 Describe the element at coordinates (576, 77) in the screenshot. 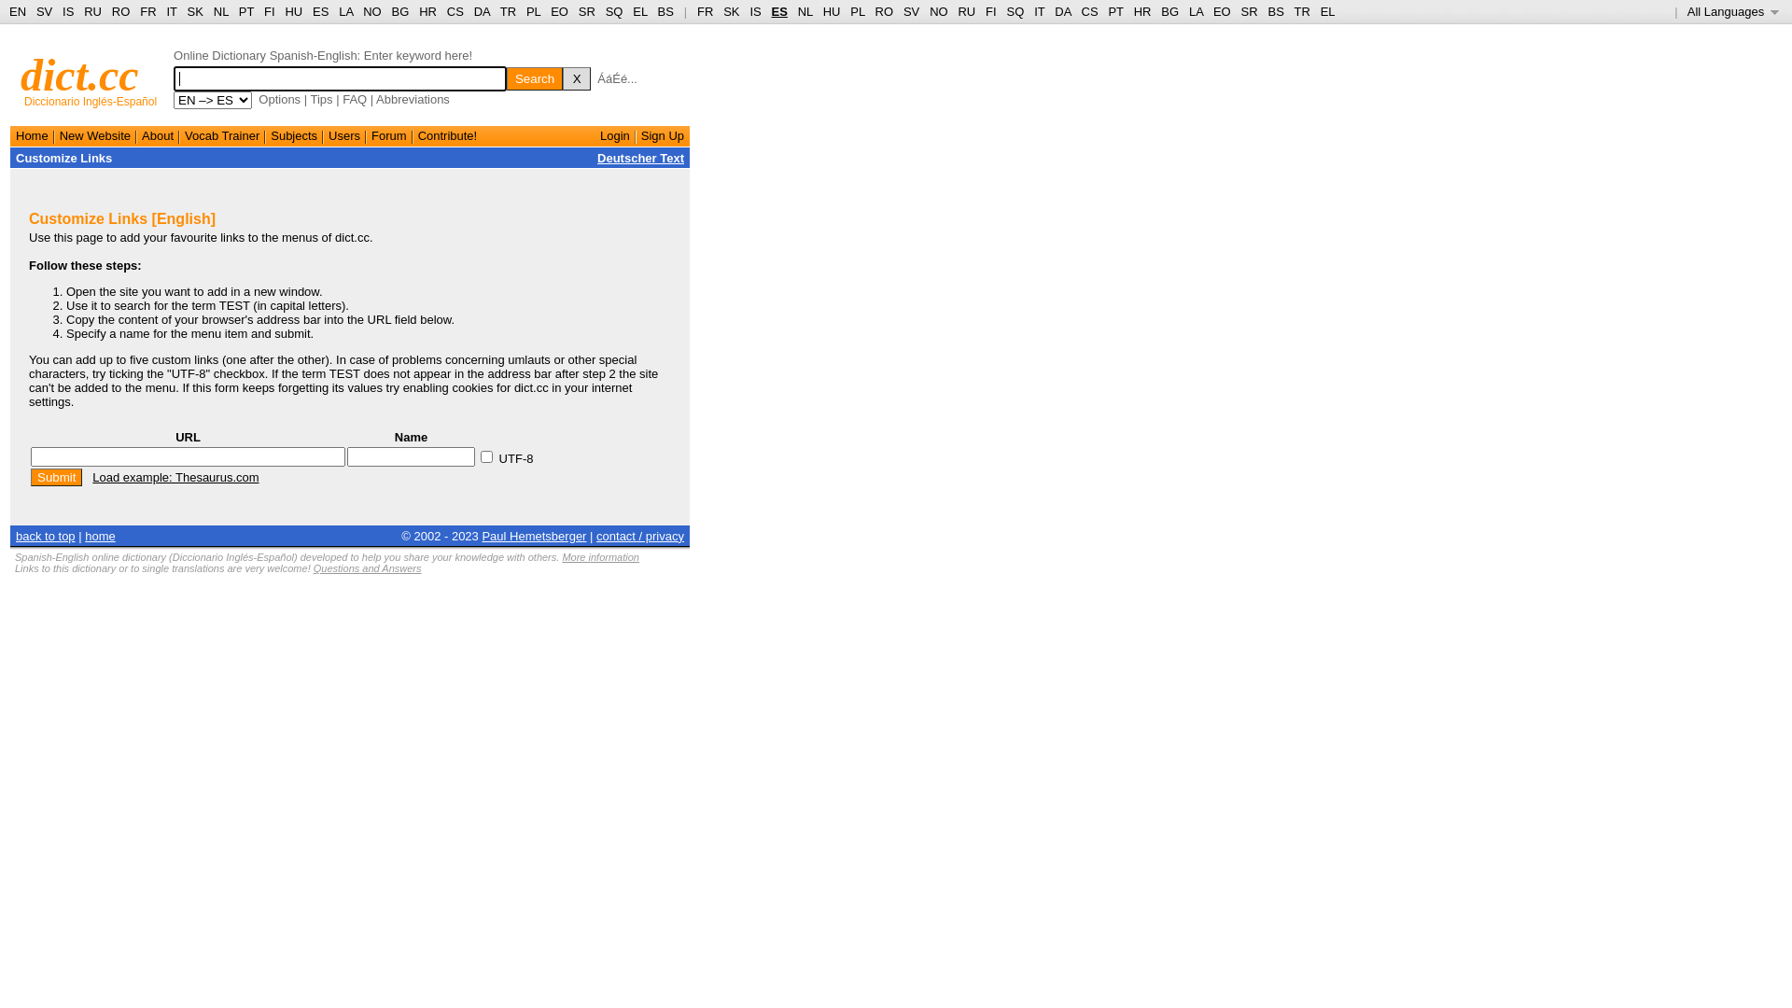

I see `'X'` at that location.